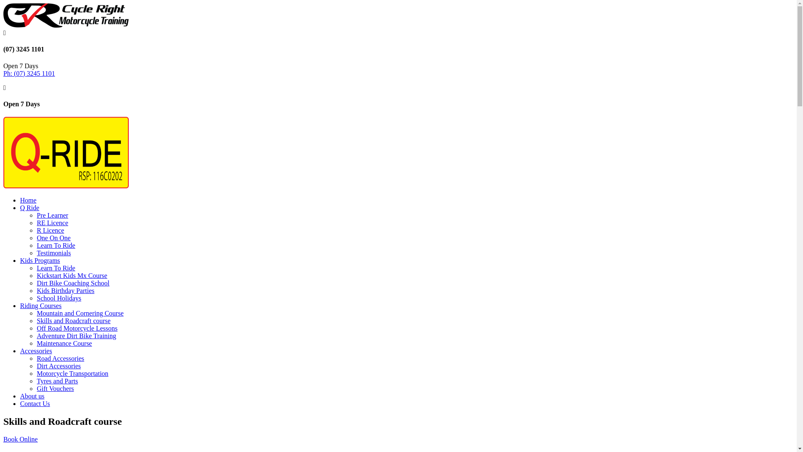  Describe the element at coordinates (56, 268) in the screenshot. I see `'Learn To Ride'` at that location.